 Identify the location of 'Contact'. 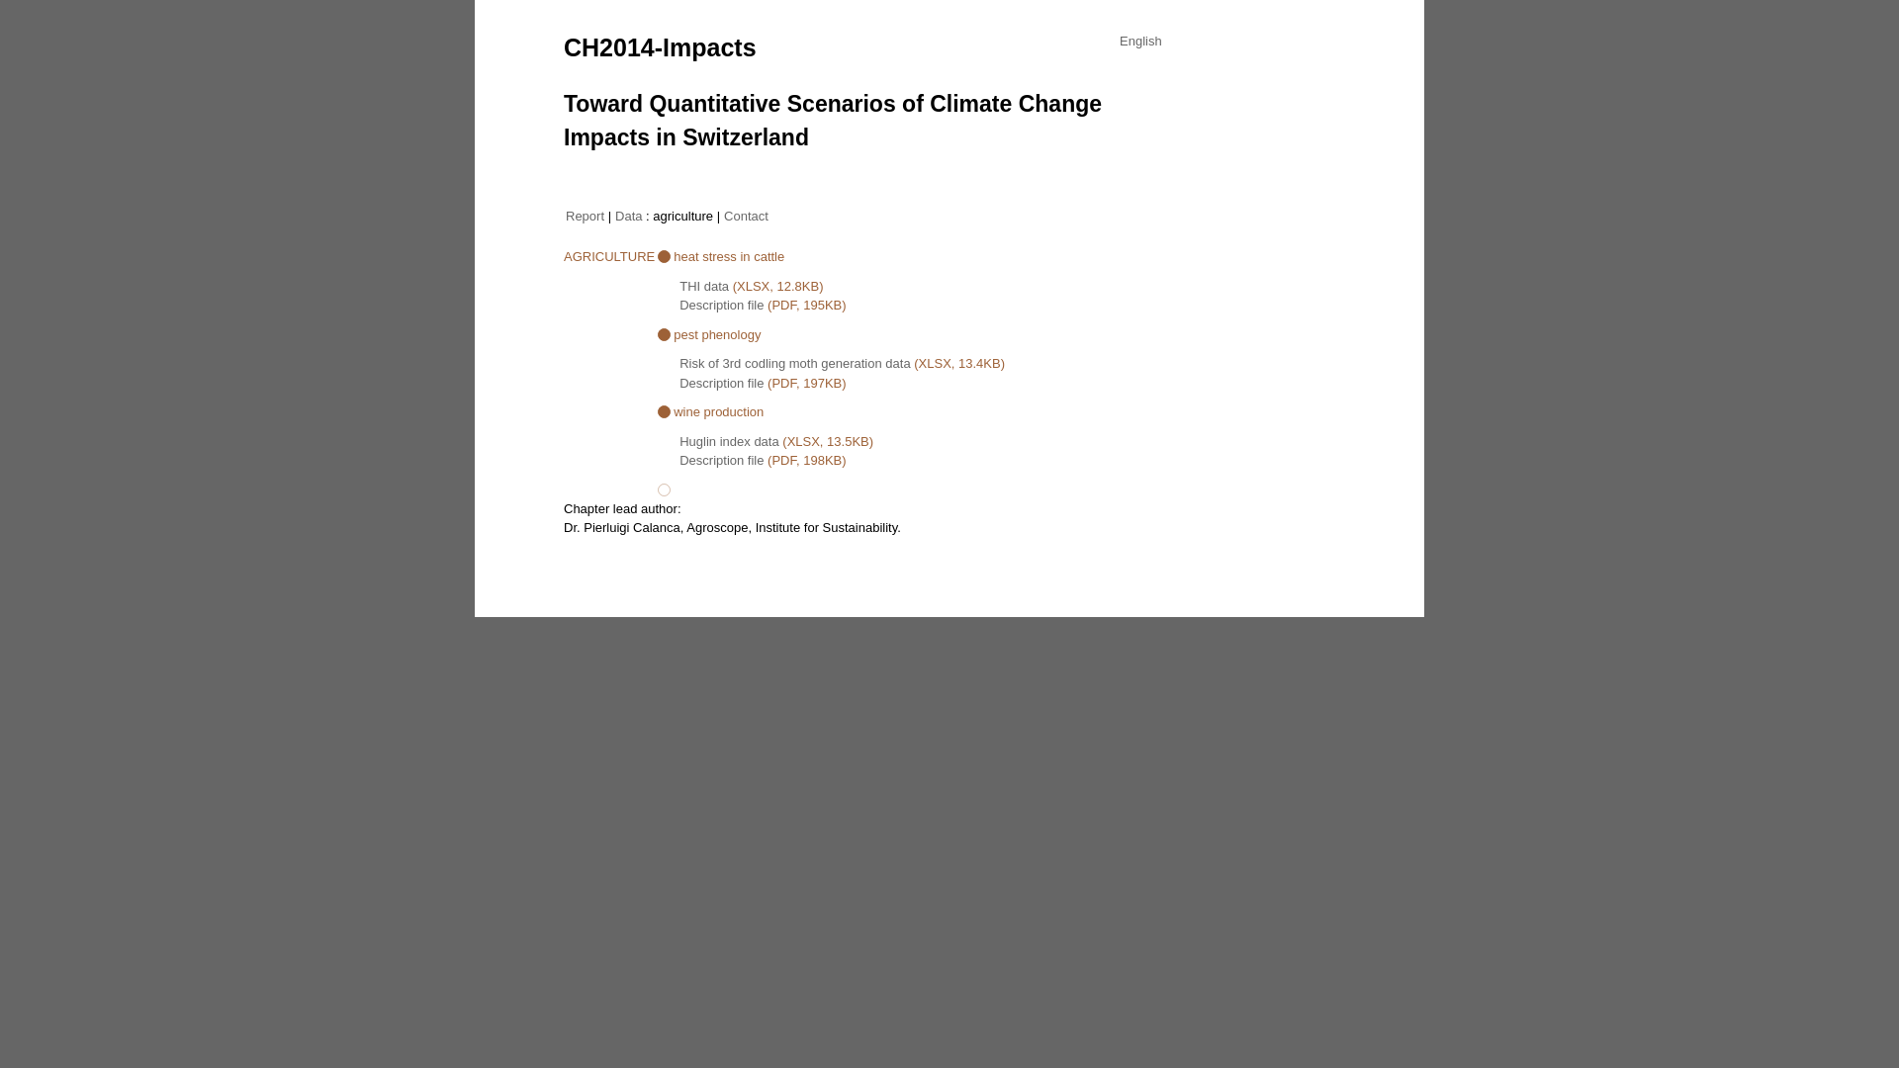
(745, 215).